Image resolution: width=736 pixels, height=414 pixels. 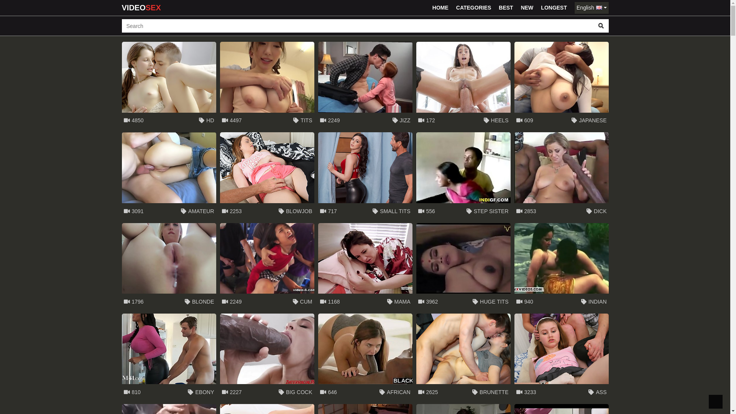 What do you see at coordinates (169, 176) in the screenshot?
I see `'3091` at bounding box center [169, 176].